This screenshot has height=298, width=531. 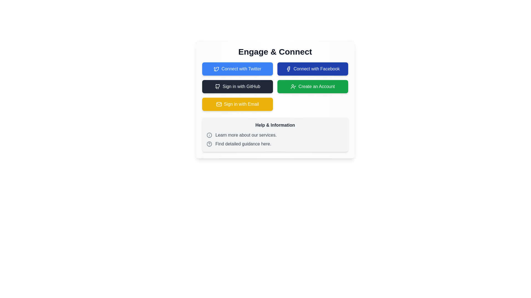 I want to click on the green 'Create an Account' button with rounded corners, which features a user icon on the left and is located below the 'Connect with Facebook' button, so click(x=313, y=86).